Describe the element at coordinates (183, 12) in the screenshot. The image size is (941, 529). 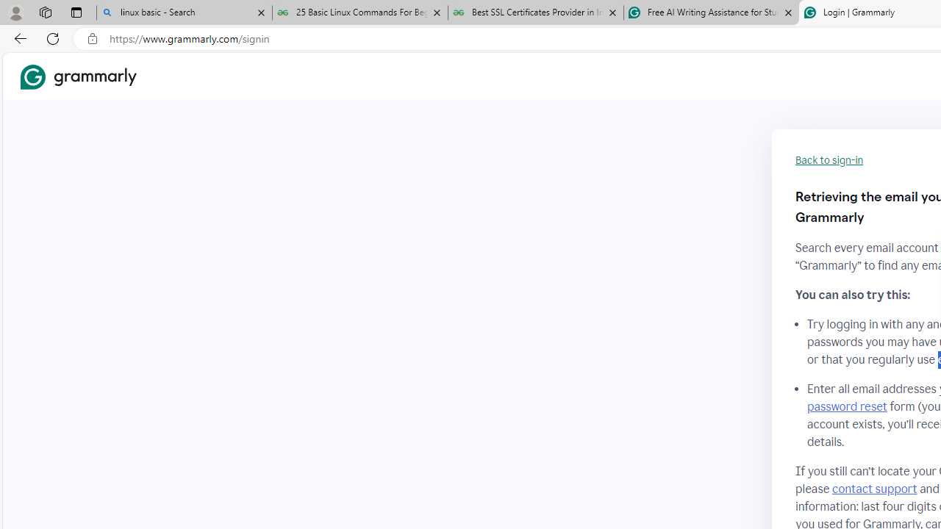
I see `'linux basic - Search'` at that location.